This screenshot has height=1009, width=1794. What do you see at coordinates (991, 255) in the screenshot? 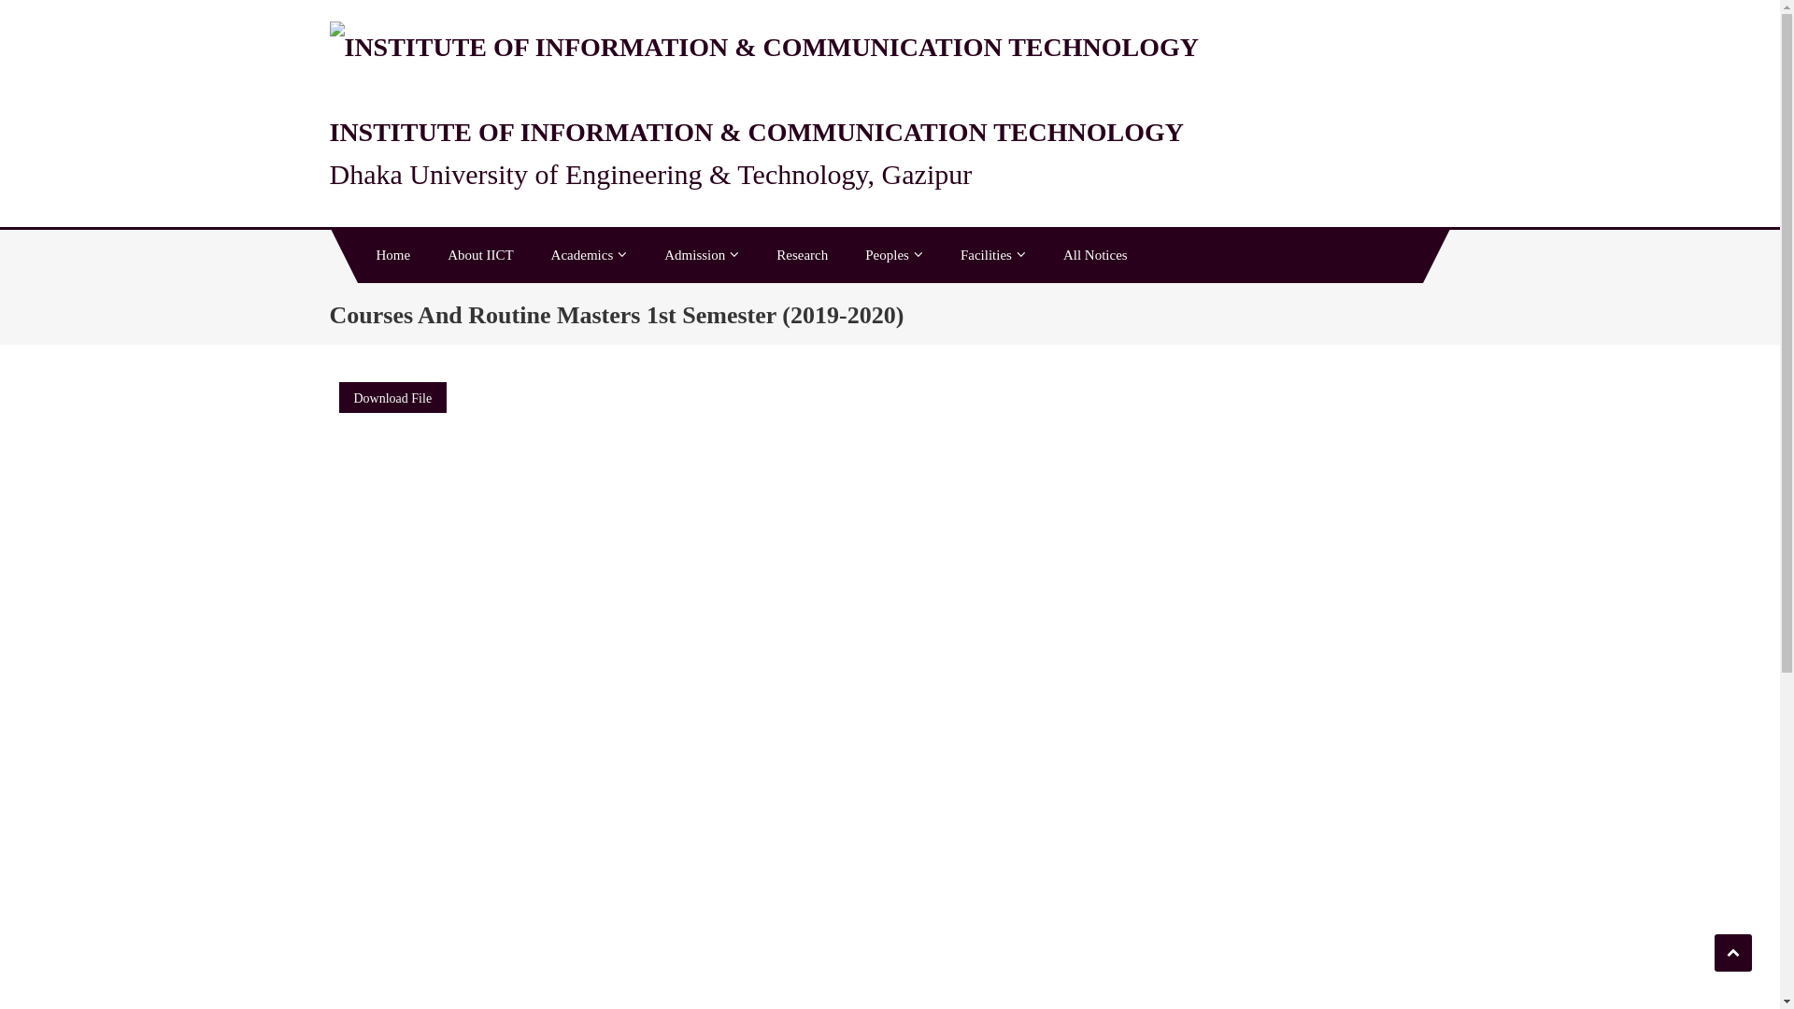
I see `'Facilities'` at bounding box center [991, 255].